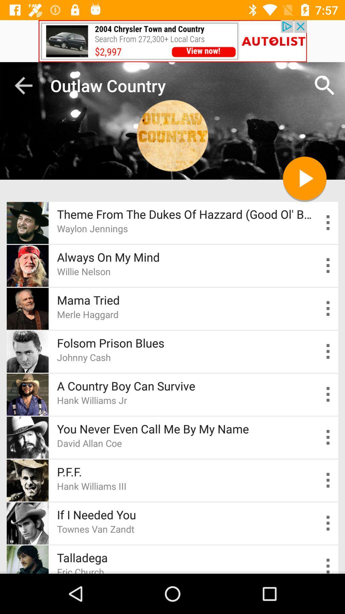 The image size is (345, 614). What do you see at coordinates (328, 437) in the screenshot?
I see `overview option` at bounding box center [328, 437].